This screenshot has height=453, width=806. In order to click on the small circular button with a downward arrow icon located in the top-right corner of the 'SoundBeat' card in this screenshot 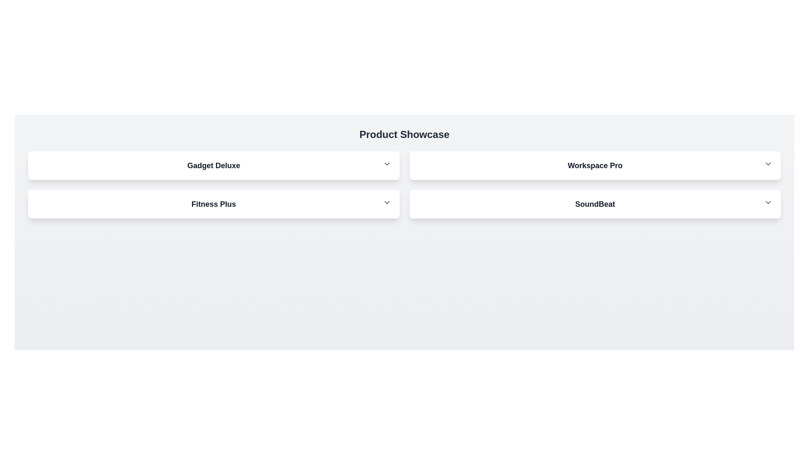, I will do `click(768, 202)`.